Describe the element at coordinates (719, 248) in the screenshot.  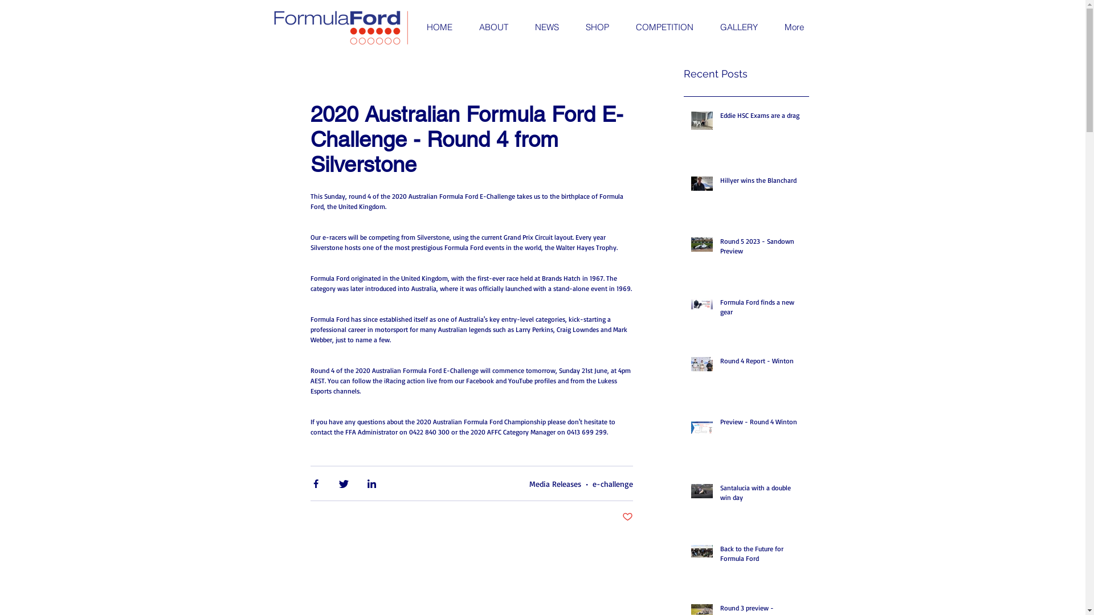
I see `'Round 5 2023 - Sandown Preview'` at that location.